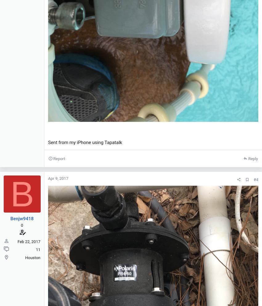 The width and height of the screenshot is (262, 306). I want to click on 'Feb 22, 2017', so click(28, 241).